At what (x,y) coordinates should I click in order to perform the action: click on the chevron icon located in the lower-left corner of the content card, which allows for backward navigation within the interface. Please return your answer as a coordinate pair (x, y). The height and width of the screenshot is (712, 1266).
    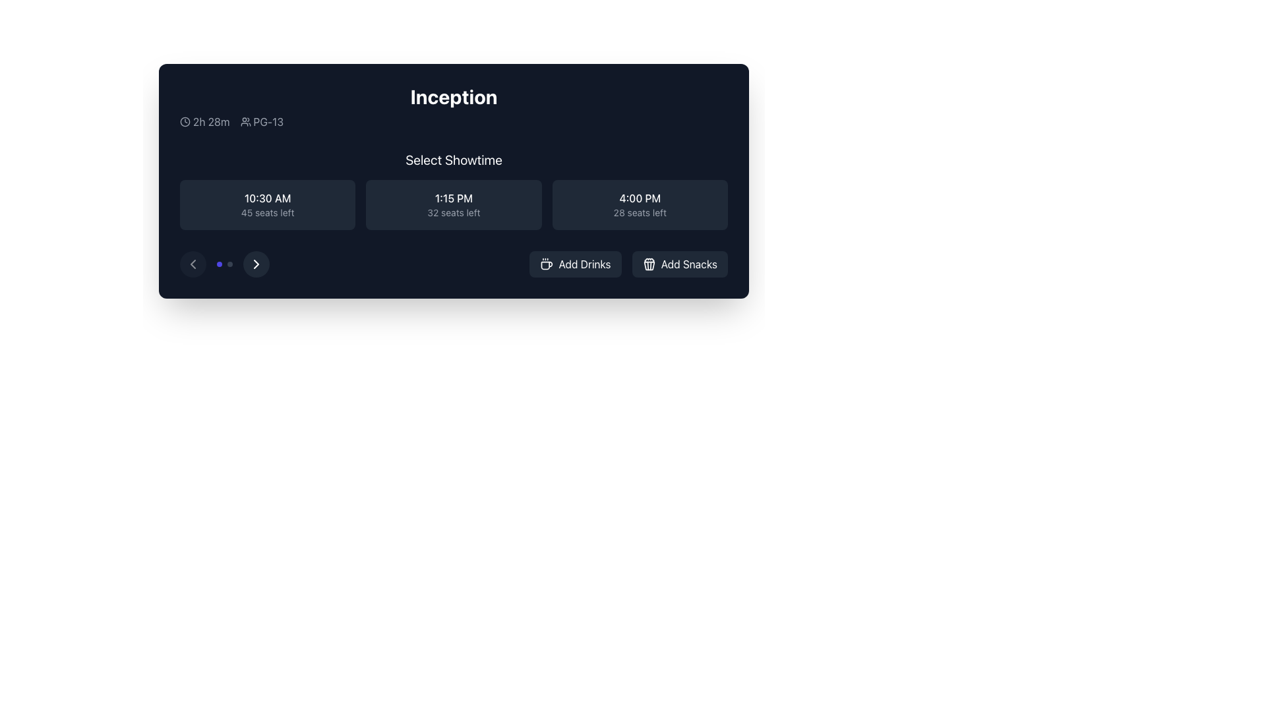
    Looking at the image, I should click on (192, 264).